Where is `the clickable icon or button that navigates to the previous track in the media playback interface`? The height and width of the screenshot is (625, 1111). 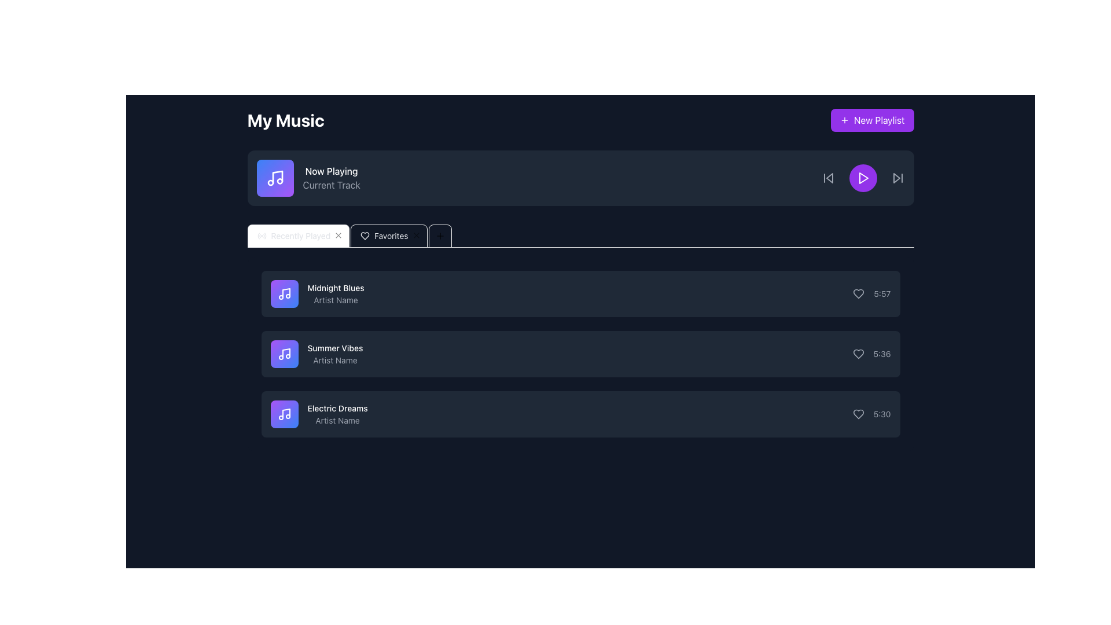 the clickable icon or button that navigates to the previous track in the media playback interface is located at coordinates (829, 178).